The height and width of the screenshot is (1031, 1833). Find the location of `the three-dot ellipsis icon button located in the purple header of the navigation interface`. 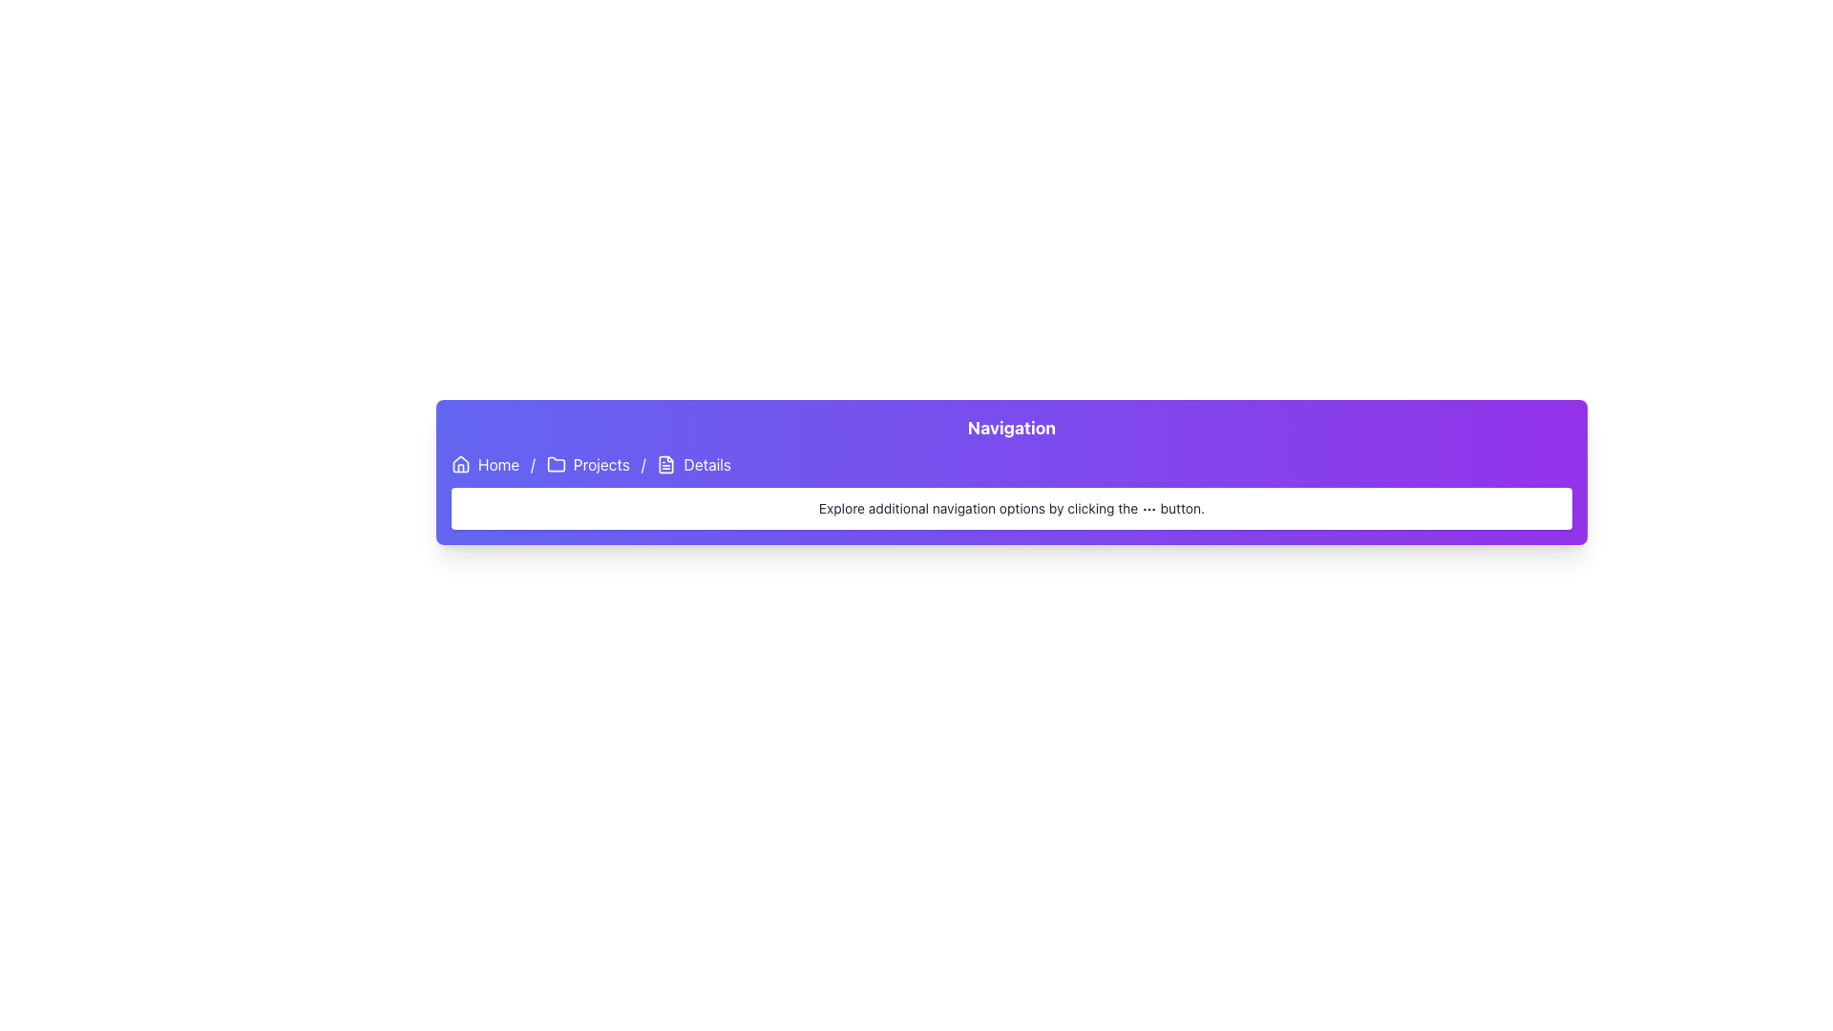

the three-dot ellipsis icon button located in the purple header of the navigation interface is located at coordinates (1148, 509).